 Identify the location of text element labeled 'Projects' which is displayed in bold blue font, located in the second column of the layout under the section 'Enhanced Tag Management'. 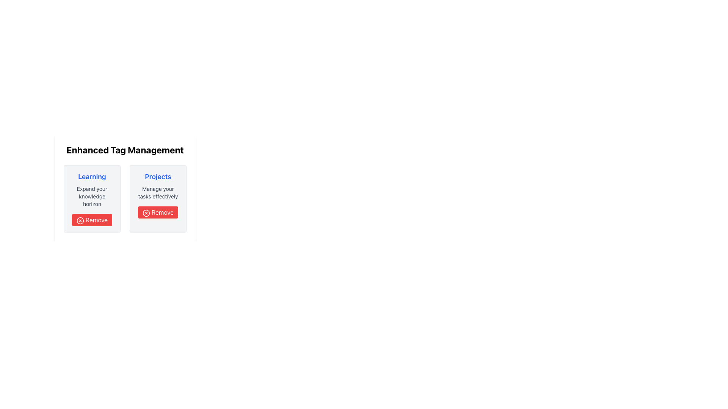
(158, 176).